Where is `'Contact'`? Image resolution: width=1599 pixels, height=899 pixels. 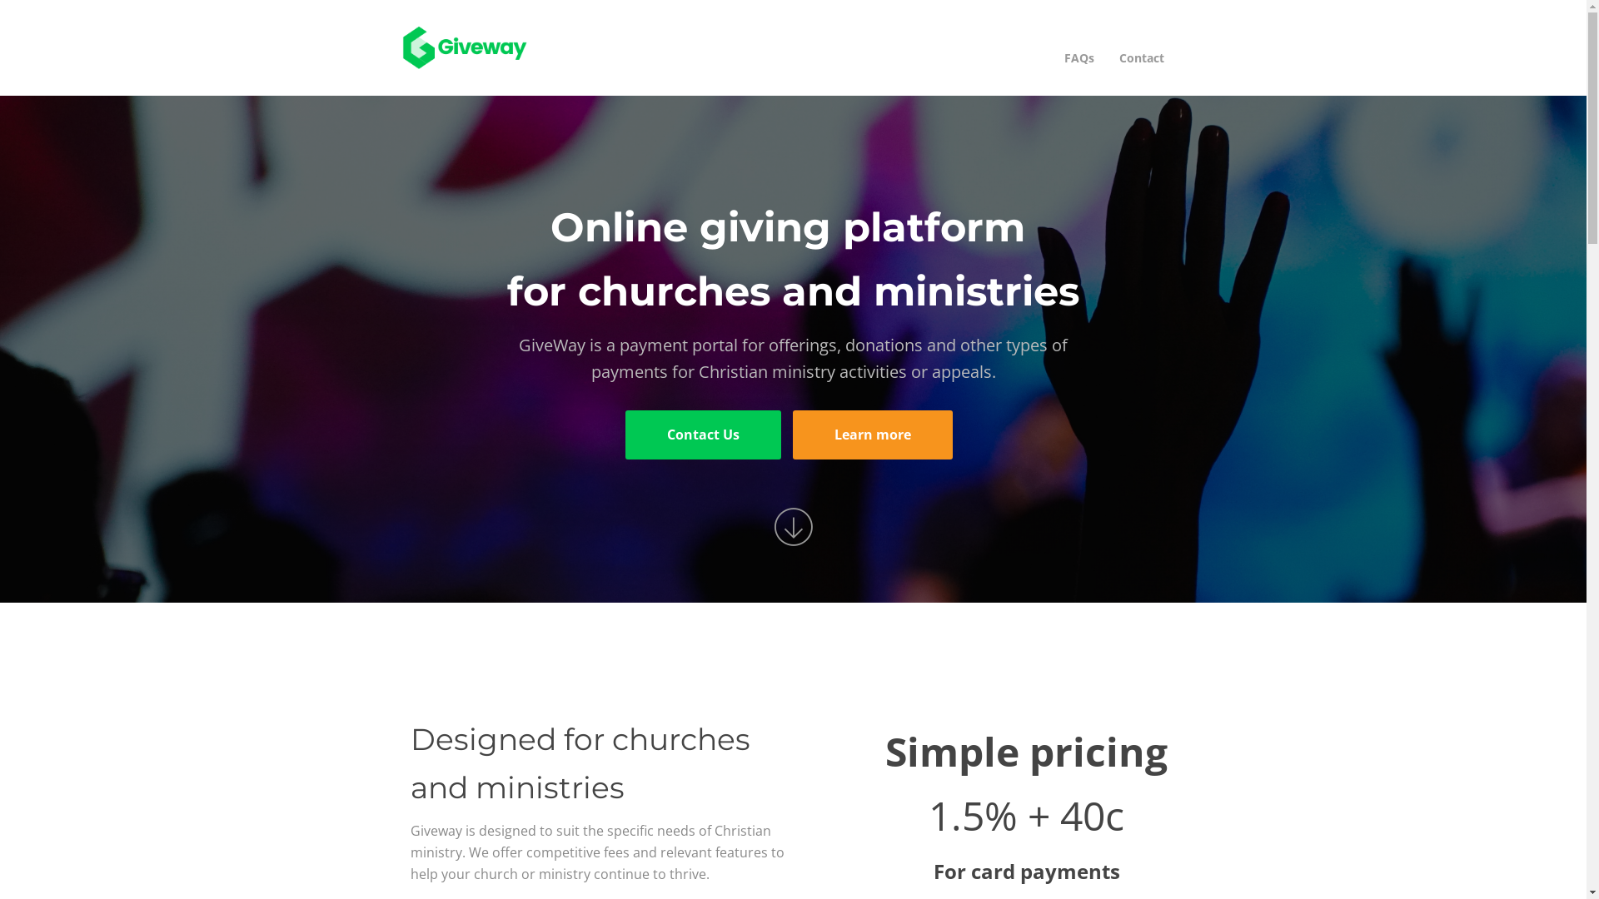 'Contact' is located at coordinates (1139, 57).